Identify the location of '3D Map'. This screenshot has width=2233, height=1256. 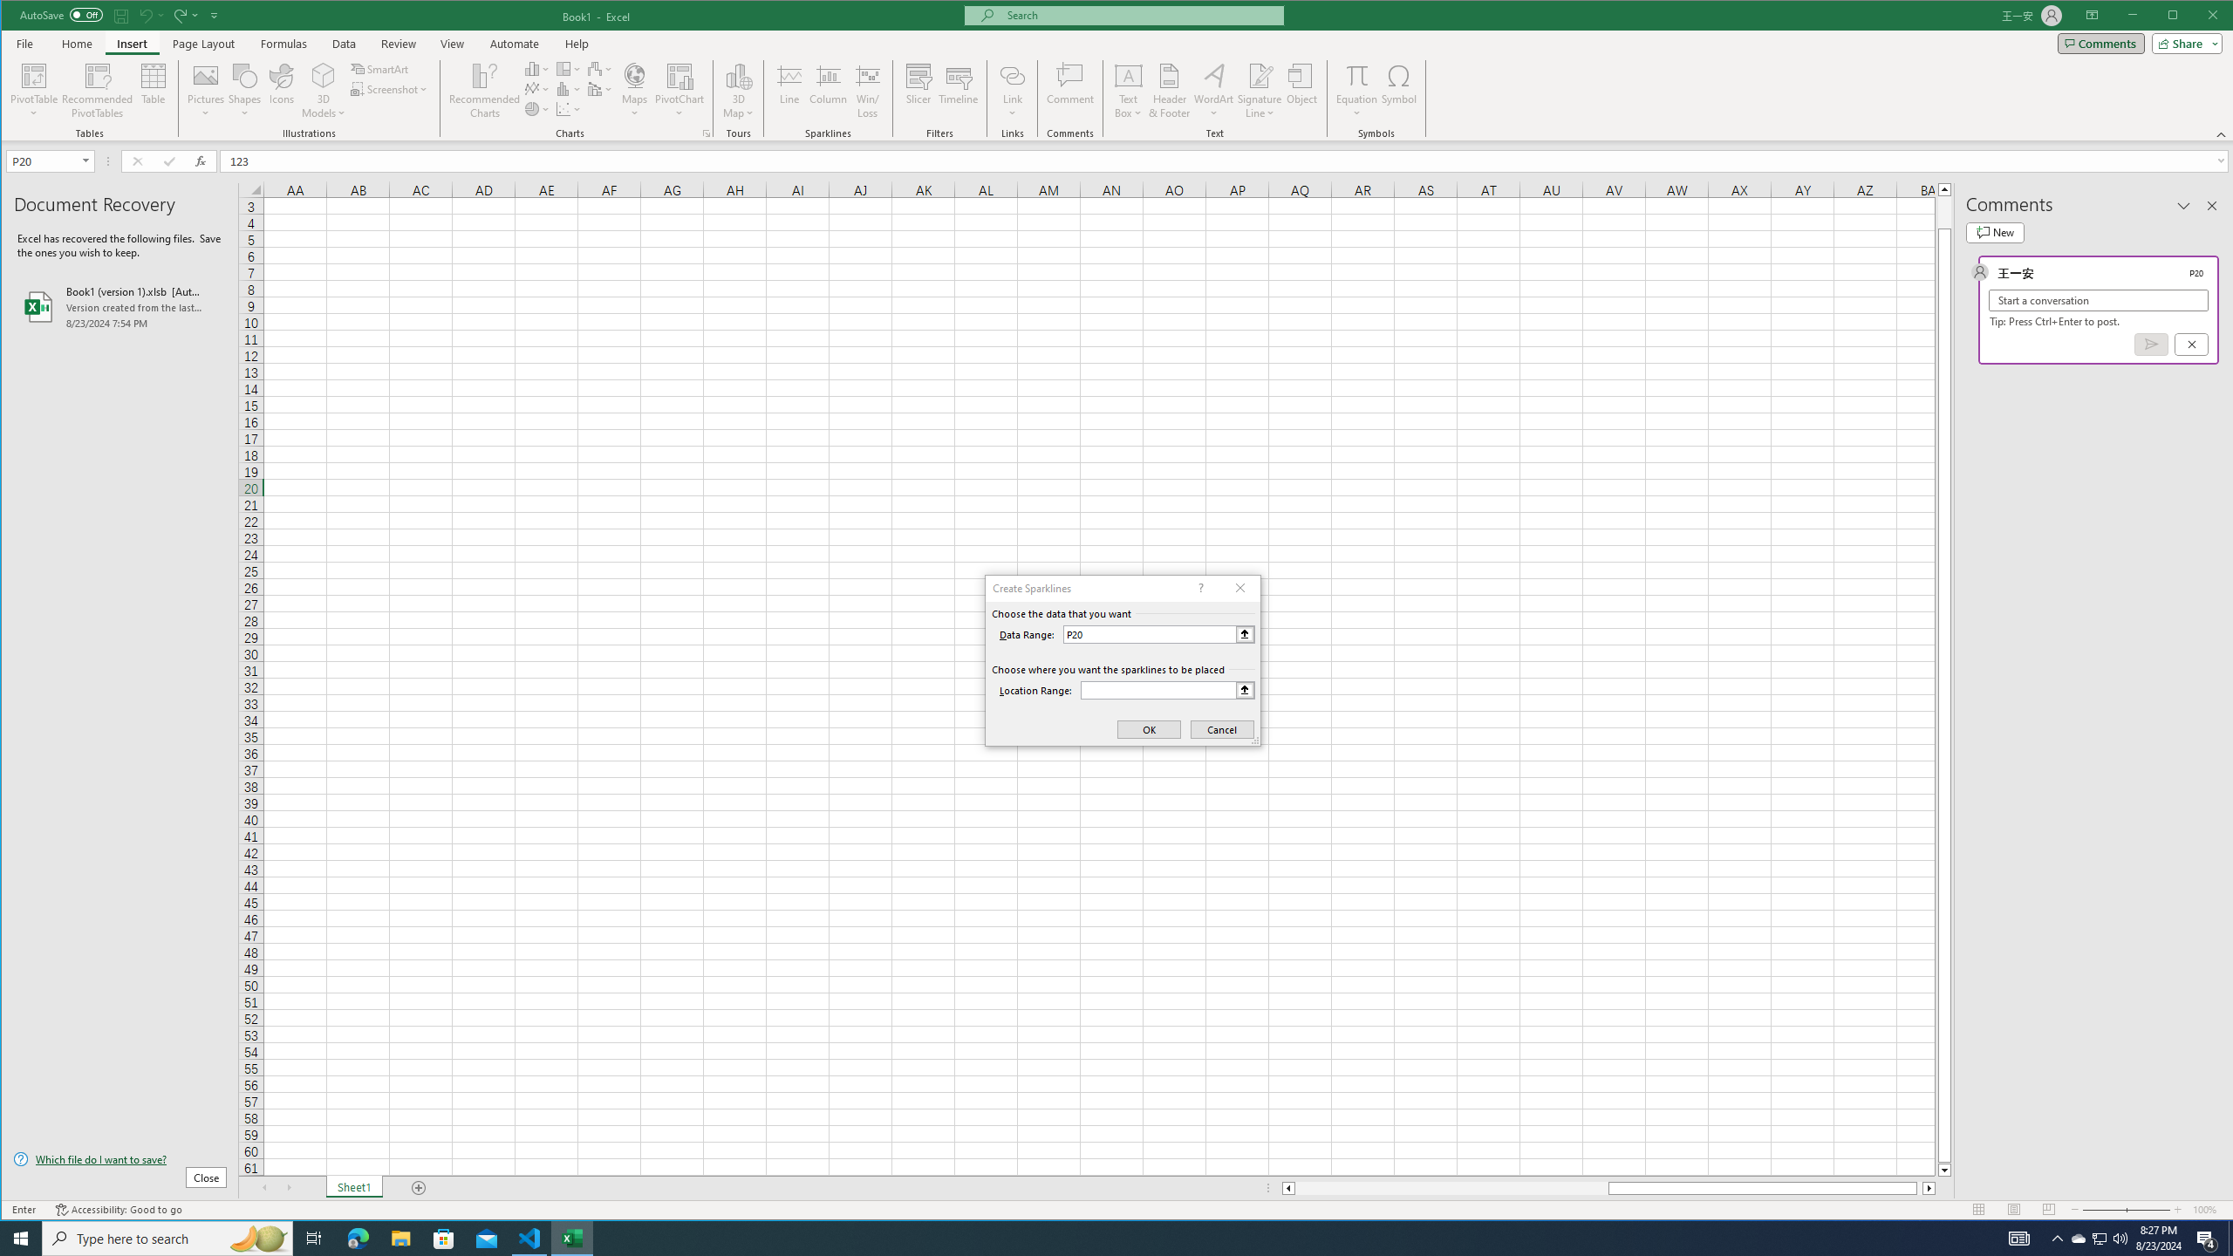
(739, 90).